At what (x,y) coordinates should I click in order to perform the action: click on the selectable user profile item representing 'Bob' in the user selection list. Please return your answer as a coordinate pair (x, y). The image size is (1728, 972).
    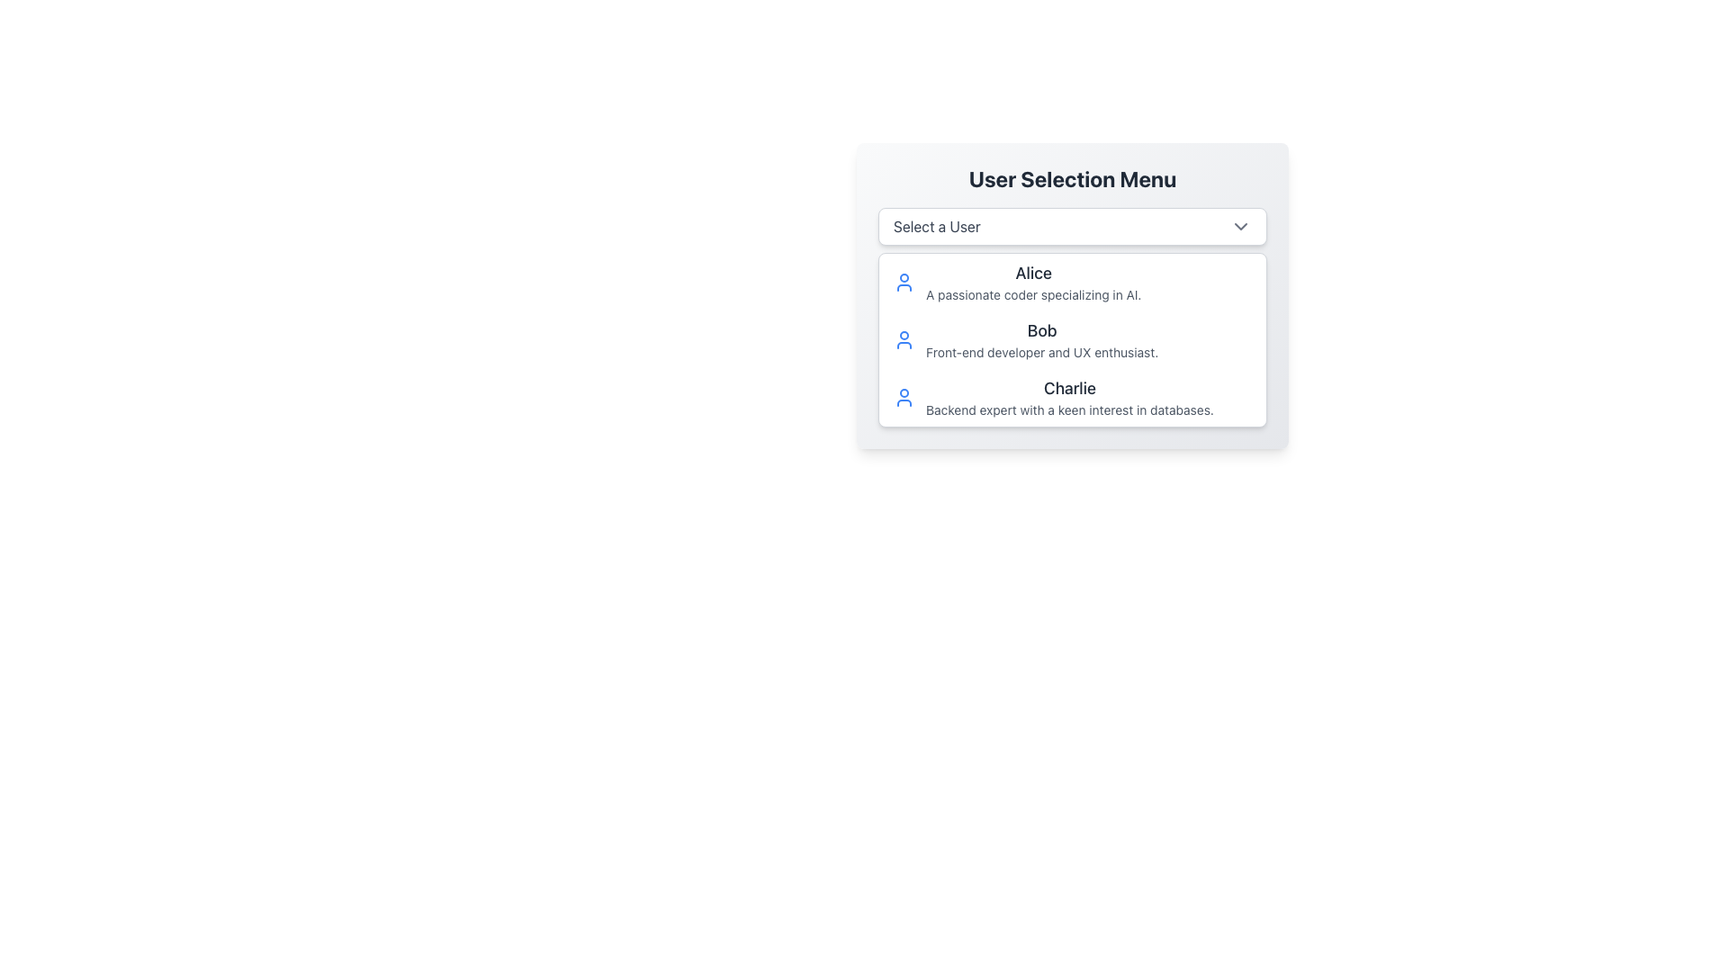
    Looking at the image, I should click on (1072, 340).